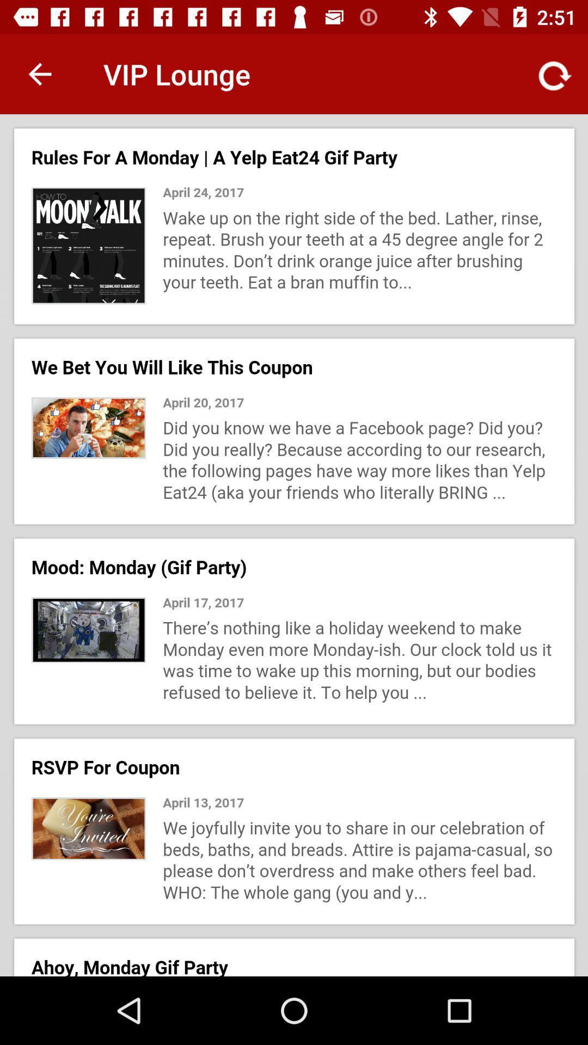 The width and height of the screenshot is (588, 1045). What do you see at coordinates (294, 545) in the screenshot?
I see `order food for delivery or pickup from a huge selection of local restaurants` at bounding box center [294, 545].